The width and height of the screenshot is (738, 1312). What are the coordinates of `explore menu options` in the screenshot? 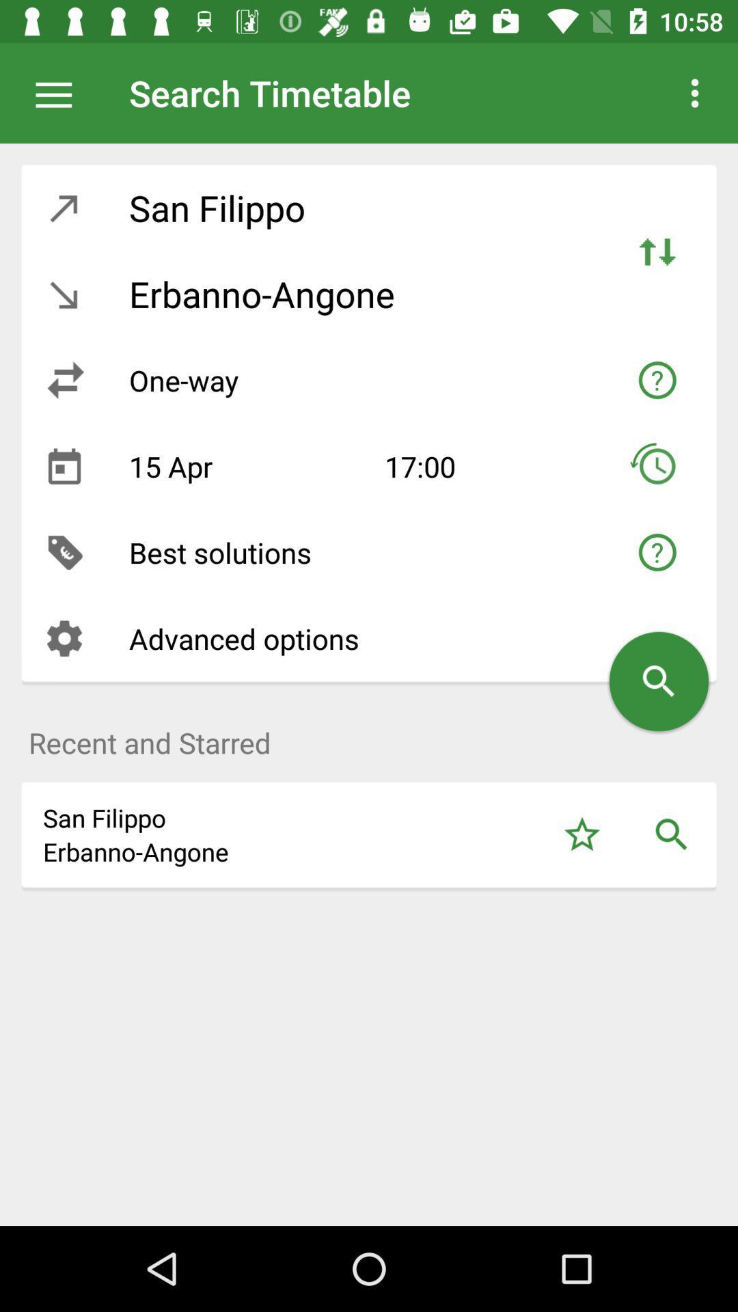 It's located at (60, 92).